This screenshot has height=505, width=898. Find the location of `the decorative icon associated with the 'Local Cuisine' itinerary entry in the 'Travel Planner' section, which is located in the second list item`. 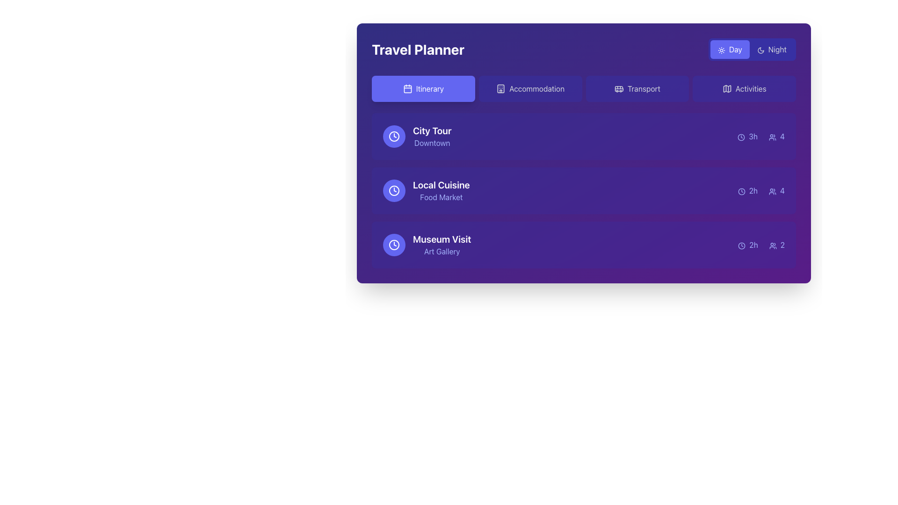

the decorative icon associated with the 'Local Cuisine' itinerary entry in the 'Travel Planner' section, which is located in the second list item is located at coordinates (394, 190).